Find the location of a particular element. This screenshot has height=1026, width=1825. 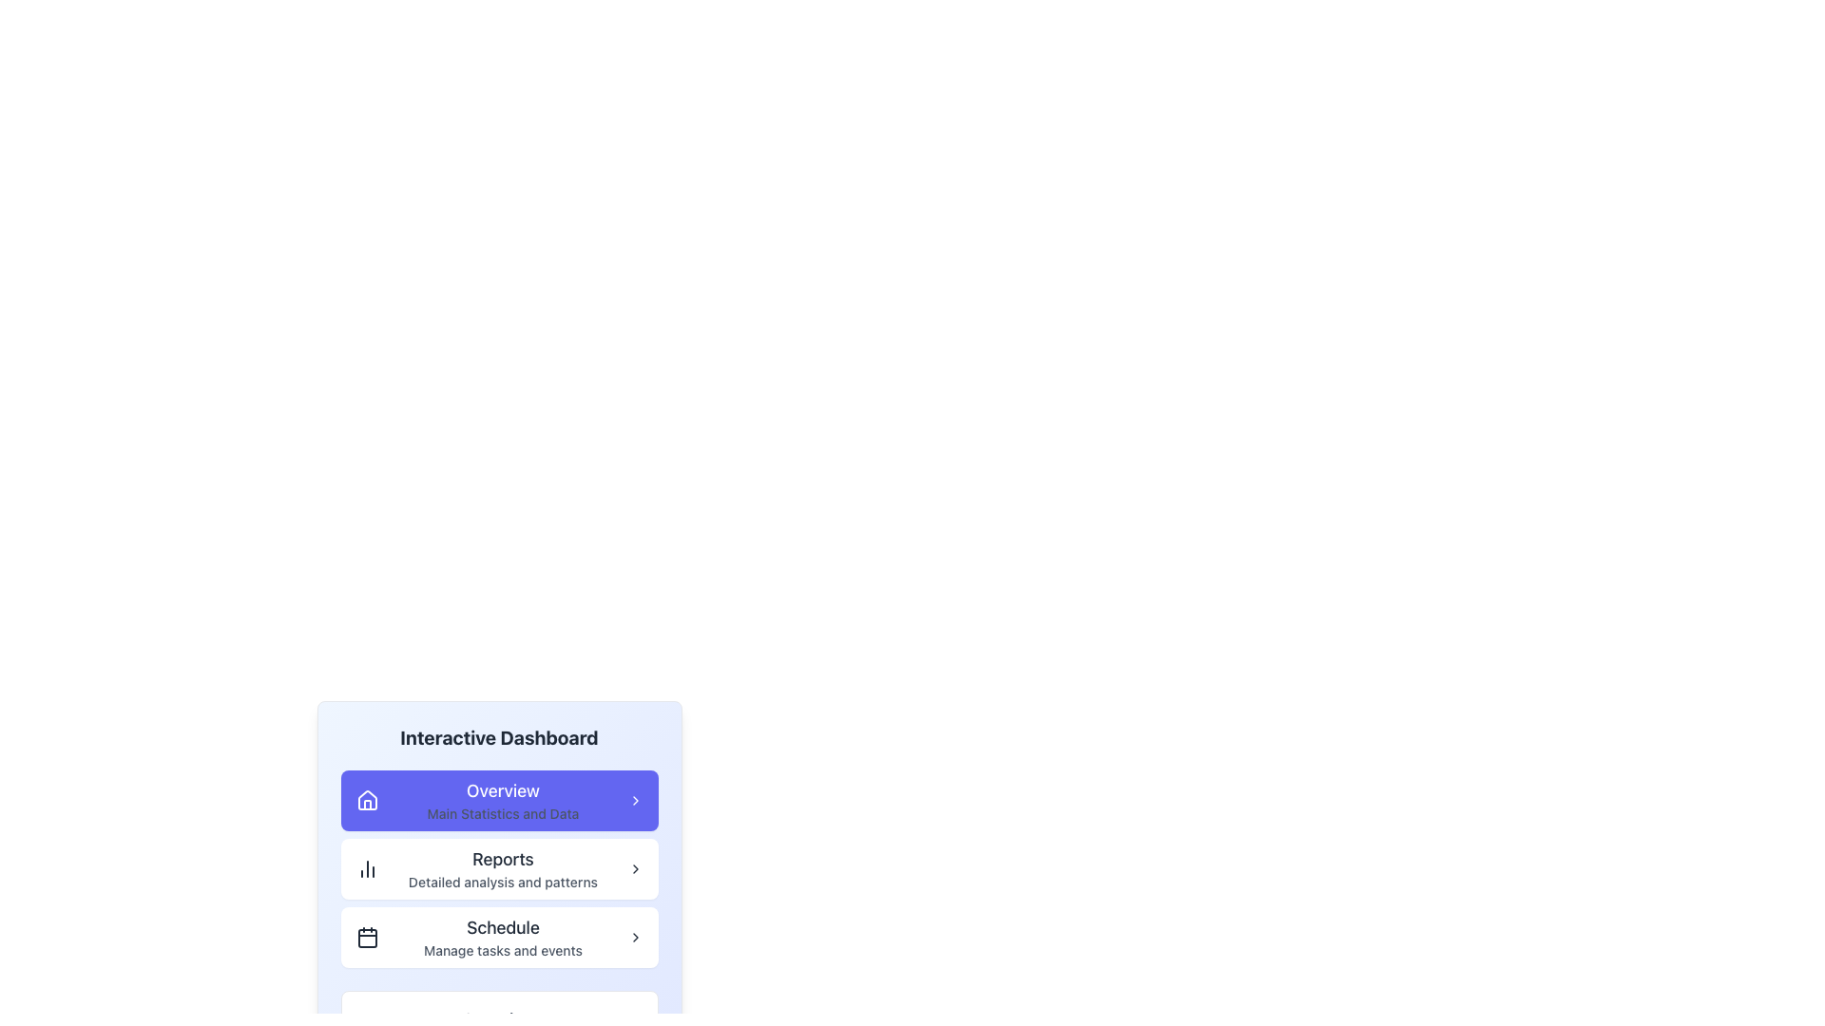

the 'Reports' button, the second option in the list within the 'Interactive Dashboard' is located at coordinates (499, 868).